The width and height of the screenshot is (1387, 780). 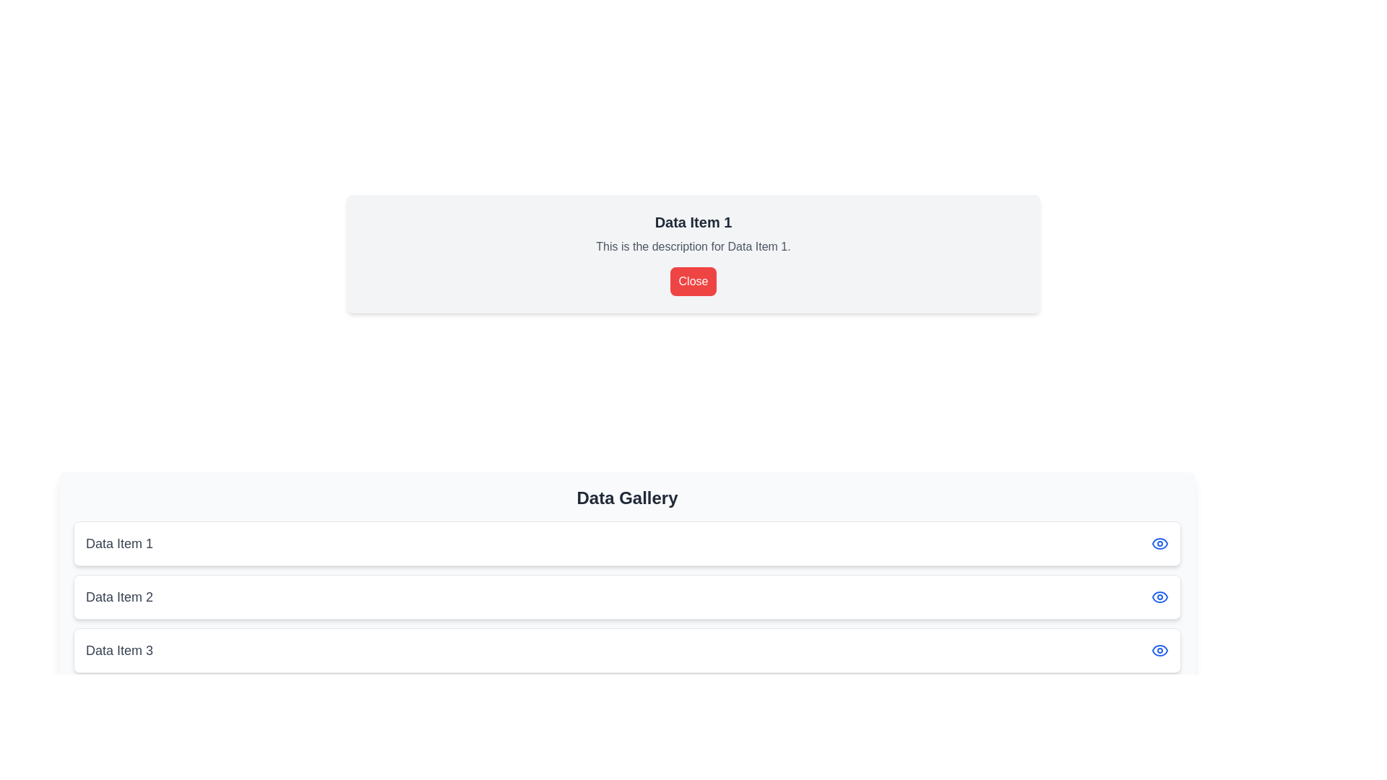 I want to click on the third list item in the 'Data Gallery' section, which is positioned below 'Data Item 2' and above 'Data Item 4', so click(x=627, y=651).